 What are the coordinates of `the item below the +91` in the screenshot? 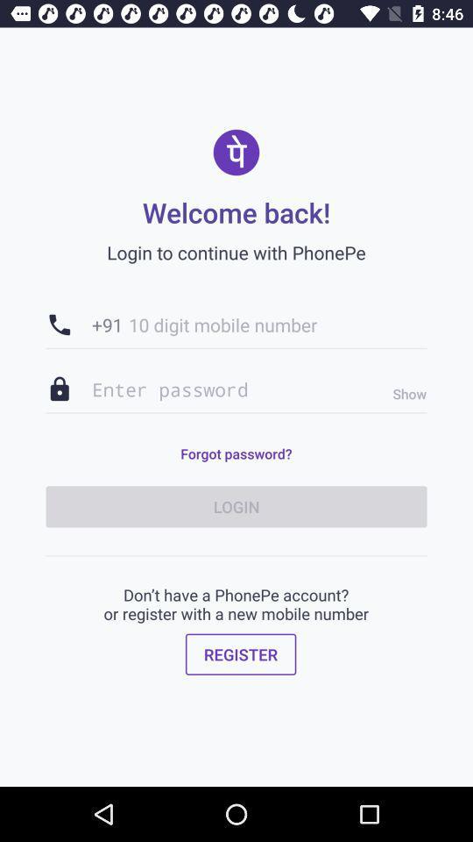 It's located at (236, 389).